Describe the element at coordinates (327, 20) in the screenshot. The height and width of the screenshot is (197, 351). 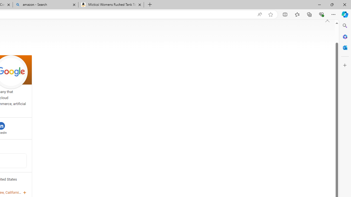
I see `'Class: rms_img'` at that location.